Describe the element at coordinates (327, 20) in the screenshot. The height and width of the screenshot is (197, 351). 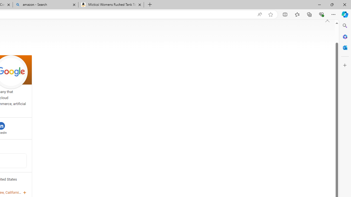
I see `'Class: rms_img'` at that location.